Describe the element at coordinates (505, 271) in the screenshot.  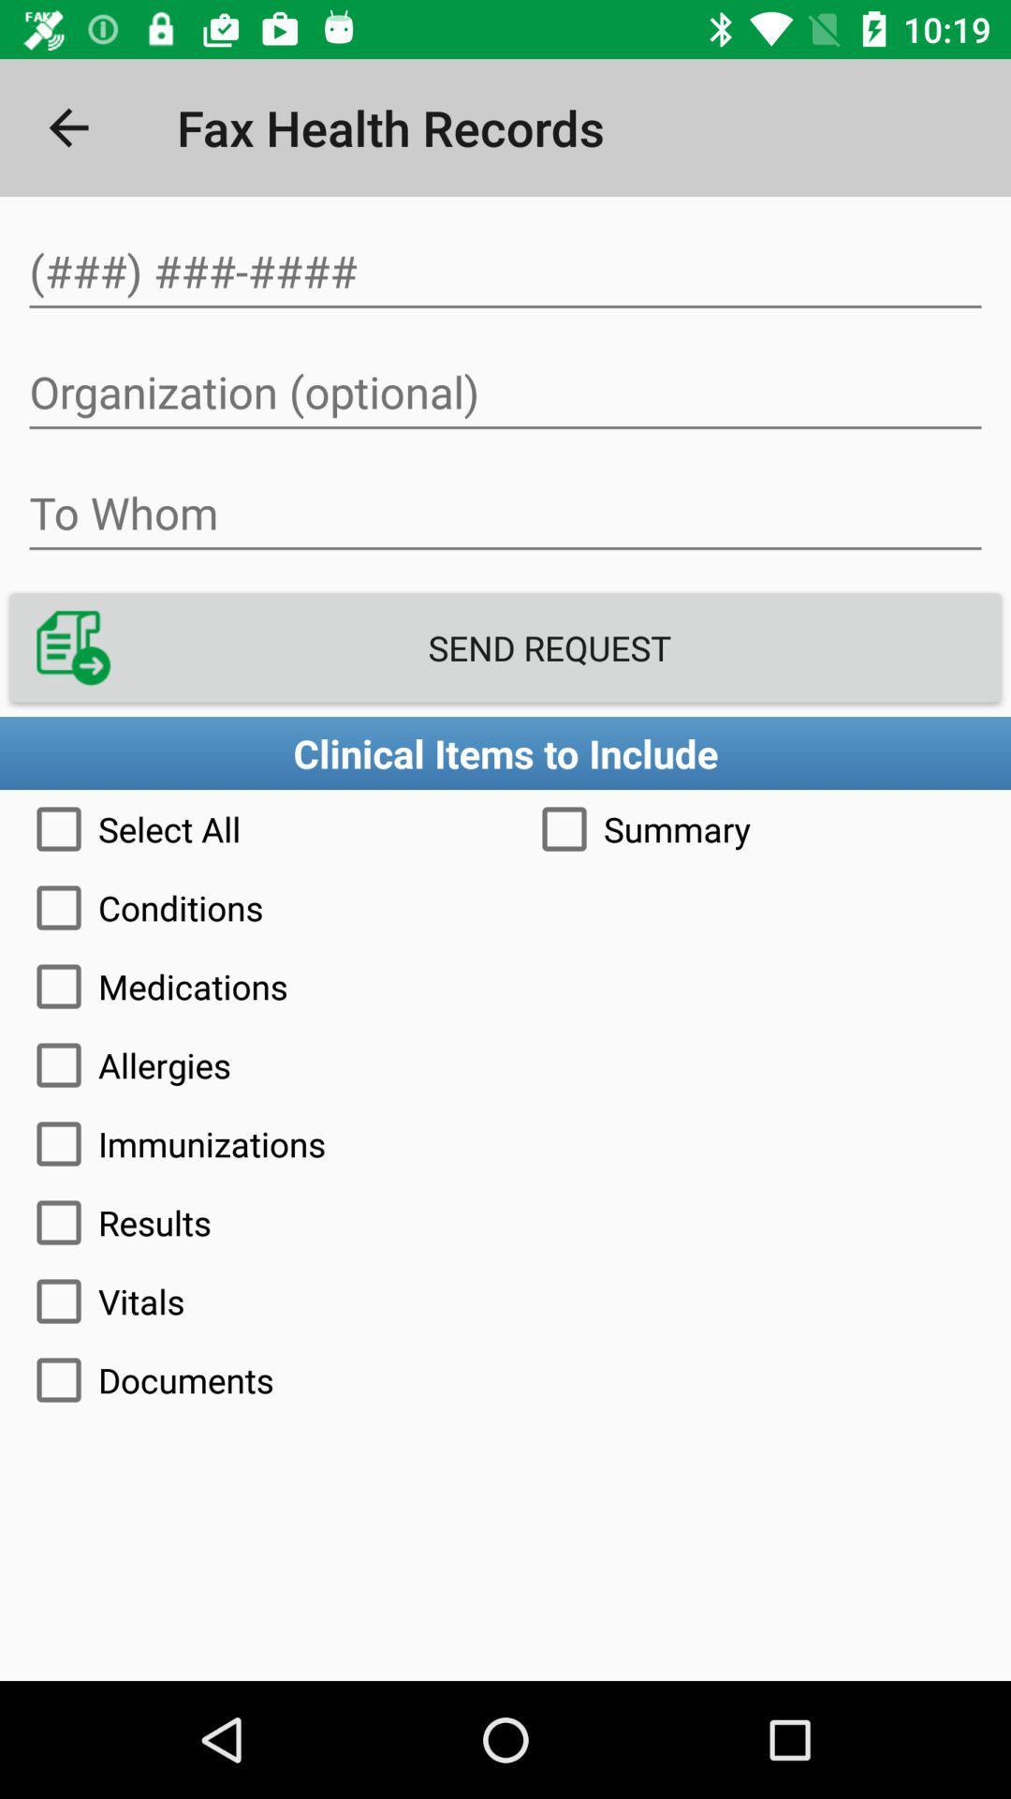
I see `search in item` at that location.